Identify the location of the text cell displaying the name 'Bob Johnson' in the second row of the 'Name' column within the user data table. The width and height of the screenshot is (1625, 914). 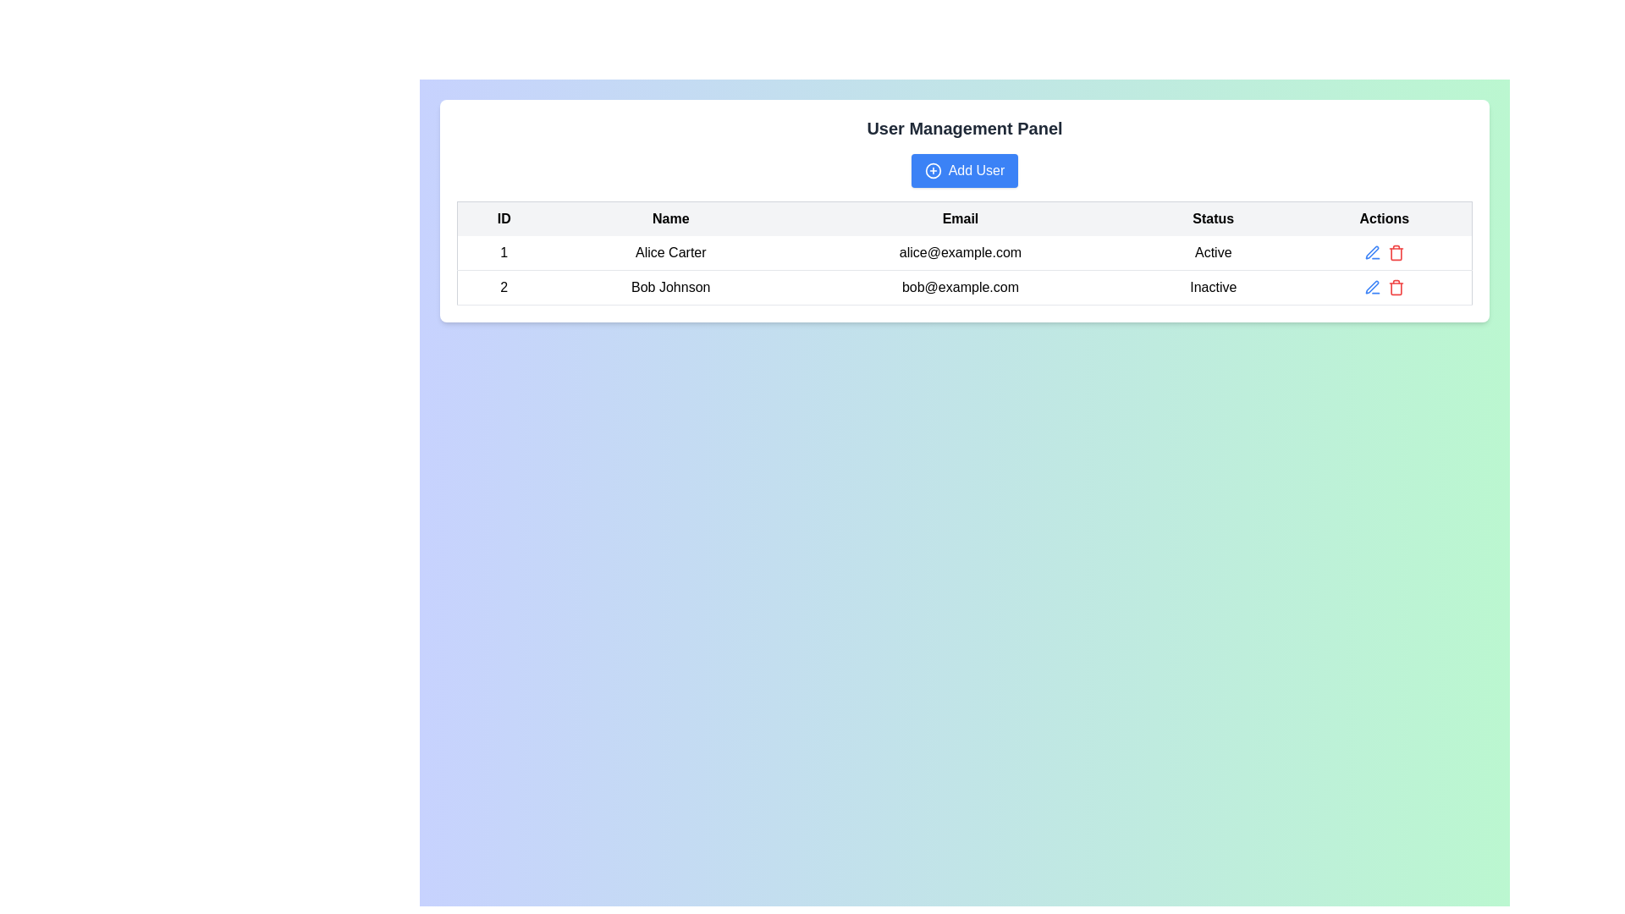
(669, 286).